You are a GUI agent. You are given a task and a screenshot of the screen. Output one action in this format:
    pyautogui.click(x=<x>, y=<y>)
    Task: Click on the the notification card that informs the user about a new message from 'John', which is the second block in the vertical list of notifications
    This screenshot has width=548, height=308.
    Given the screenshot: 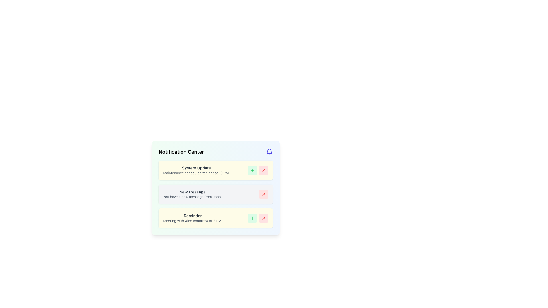 What is the action you would take?
    pyautogui.click(x=215, y=188)
    